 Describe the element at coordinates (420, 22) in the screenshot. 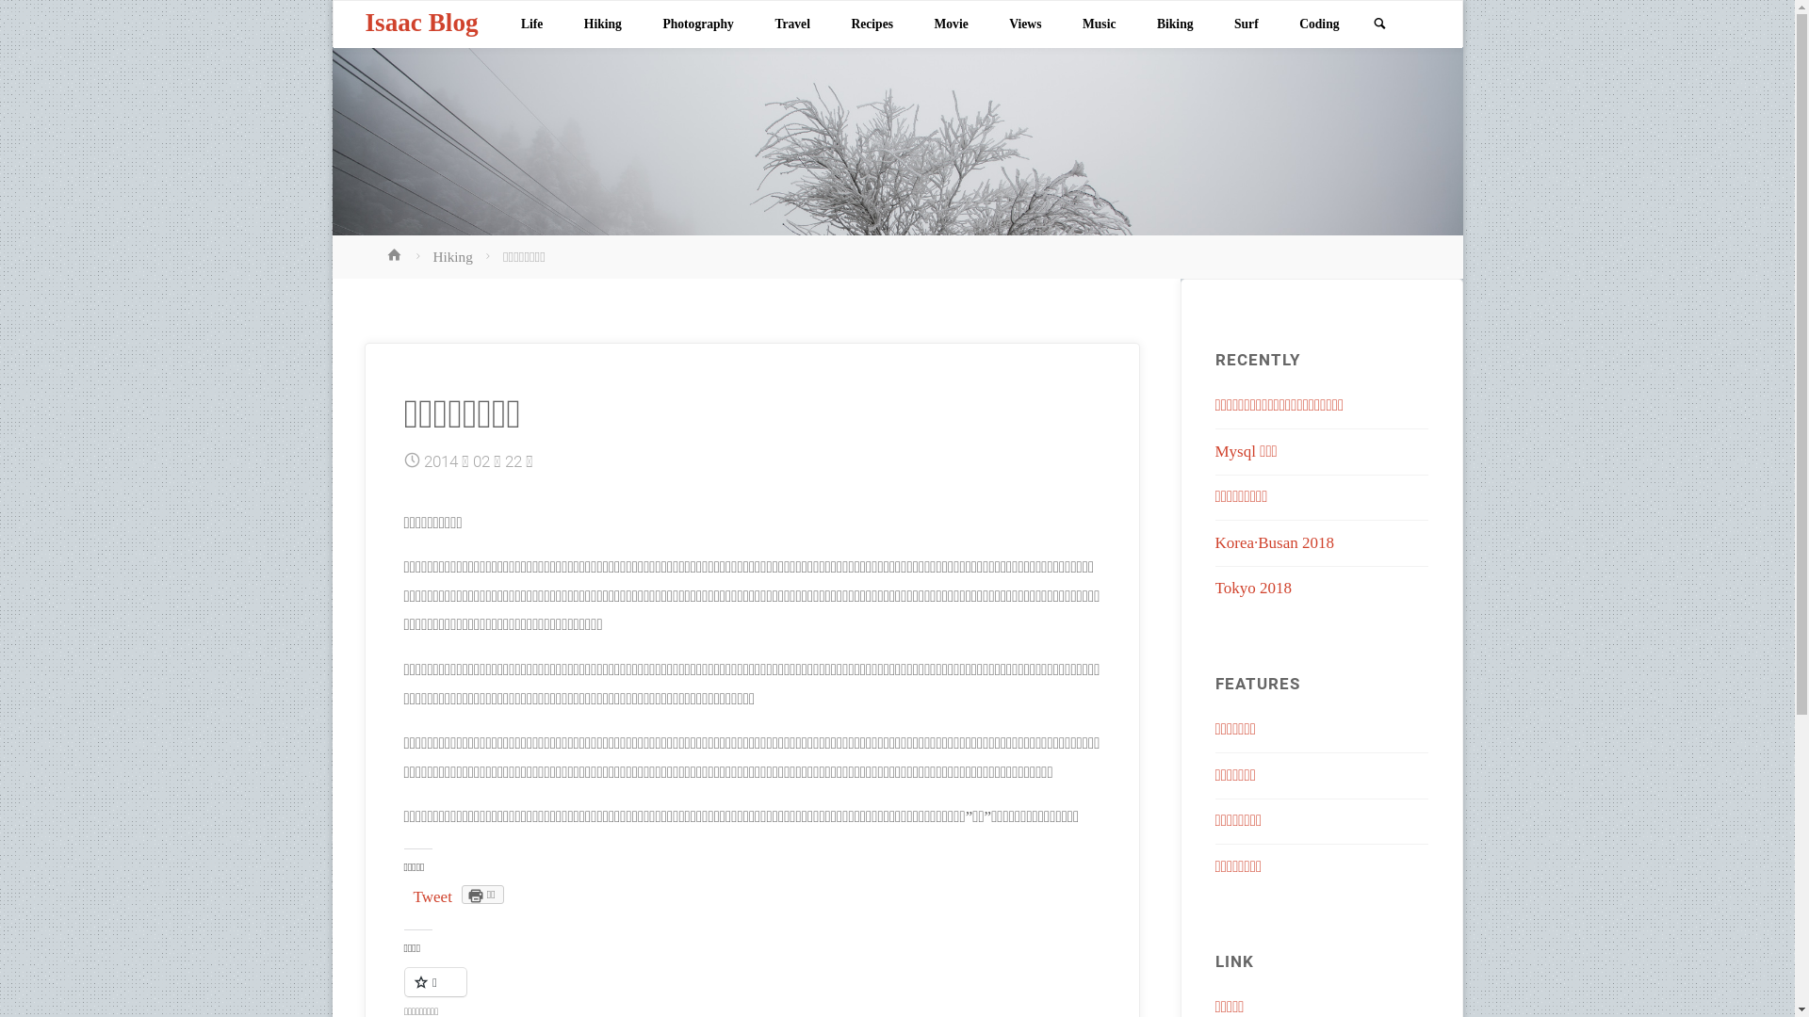

I see `'Isaac Blog'` at that location.